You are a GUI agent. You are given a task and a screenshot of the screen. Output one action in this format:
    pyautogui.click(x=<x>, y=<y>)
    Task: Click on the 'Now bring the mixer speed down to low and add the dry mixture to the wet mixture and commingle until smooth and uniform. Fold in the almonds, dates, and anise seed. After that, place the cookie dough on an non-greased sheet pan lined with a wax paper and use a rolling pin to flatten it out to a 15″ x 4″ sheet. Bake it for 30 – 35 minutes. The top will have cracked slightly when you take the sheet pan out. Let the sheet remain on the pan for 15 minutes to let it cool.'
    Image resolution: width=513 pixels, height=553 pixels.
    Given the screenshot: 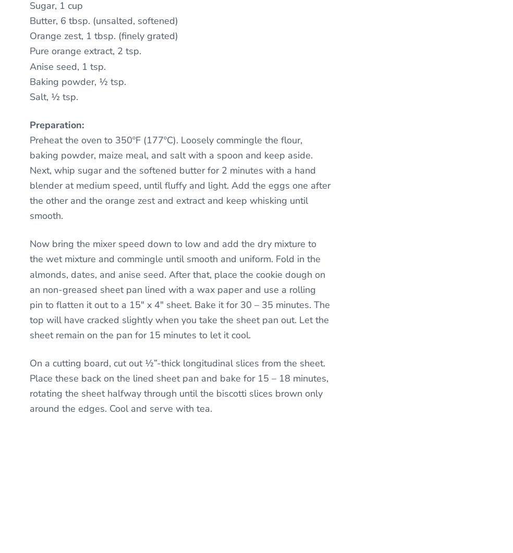 What is the action you would take?
    pyautogui.click(x=179, y=289)
    